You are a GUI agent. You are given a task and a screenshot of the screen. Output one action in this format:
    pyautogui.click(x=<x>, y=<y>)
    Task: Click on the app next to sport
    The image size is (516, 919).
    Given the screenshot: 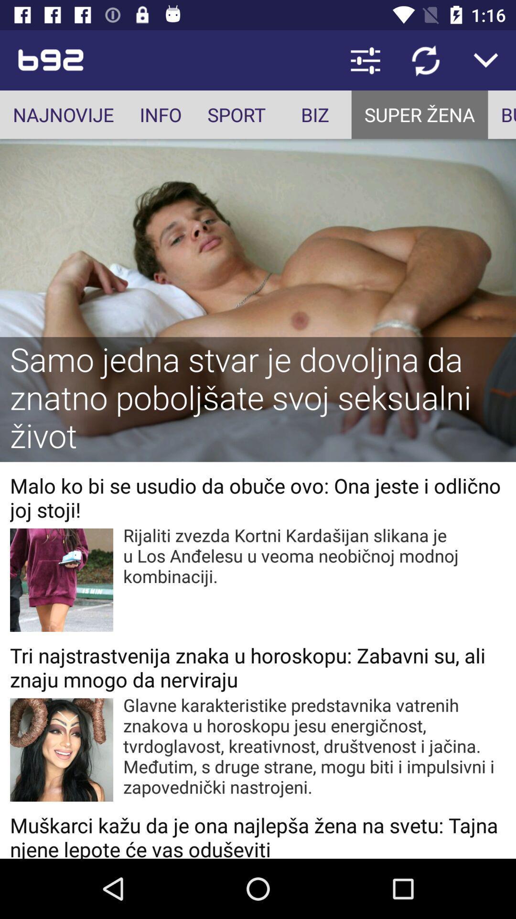 What is the action you would take?
    pyautogui.click(x=315, y=114)
    